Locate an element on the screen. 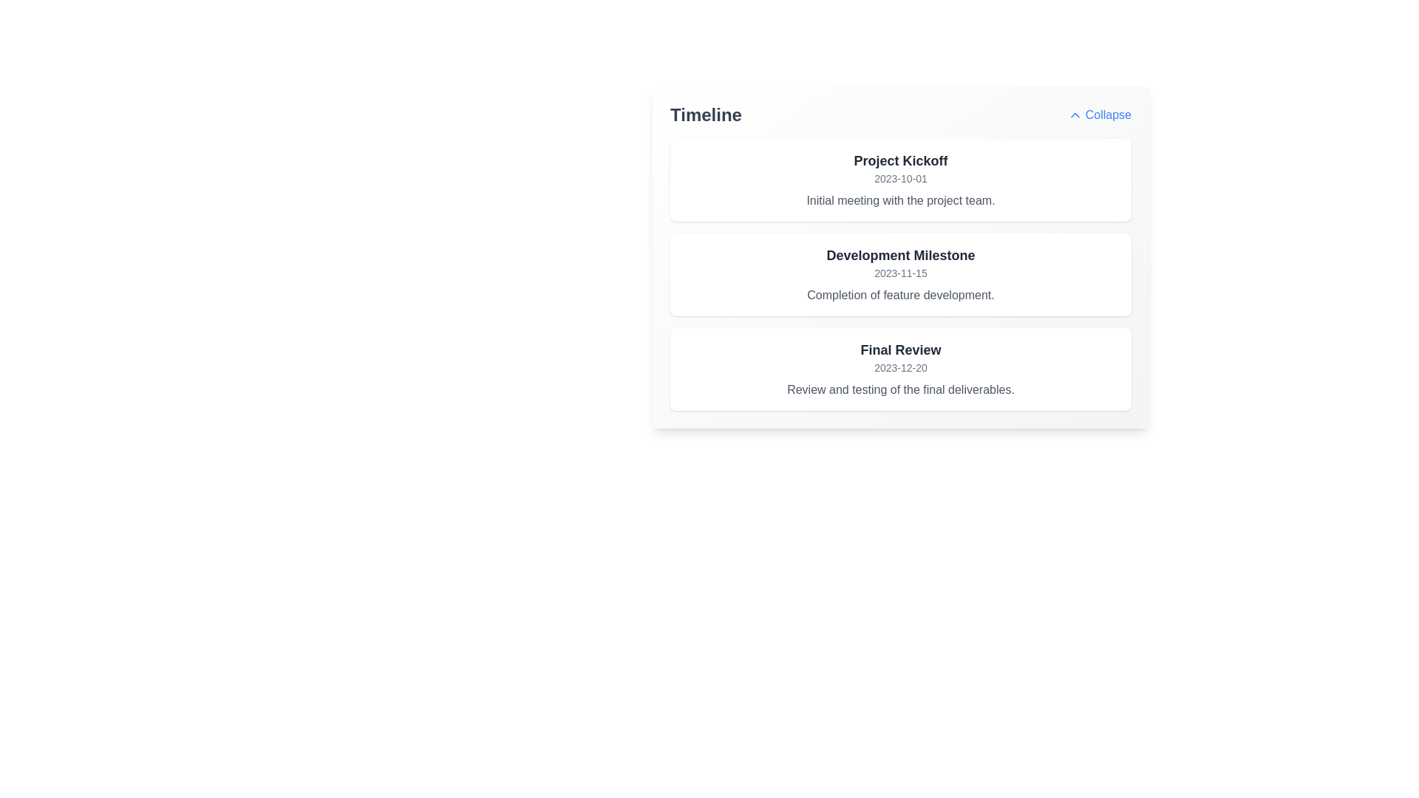  the Text Block located at the bottom of the card for the 'Final Review' timeline event, which provides detailed context about the event's purpose is located at coordinates (900, 389).